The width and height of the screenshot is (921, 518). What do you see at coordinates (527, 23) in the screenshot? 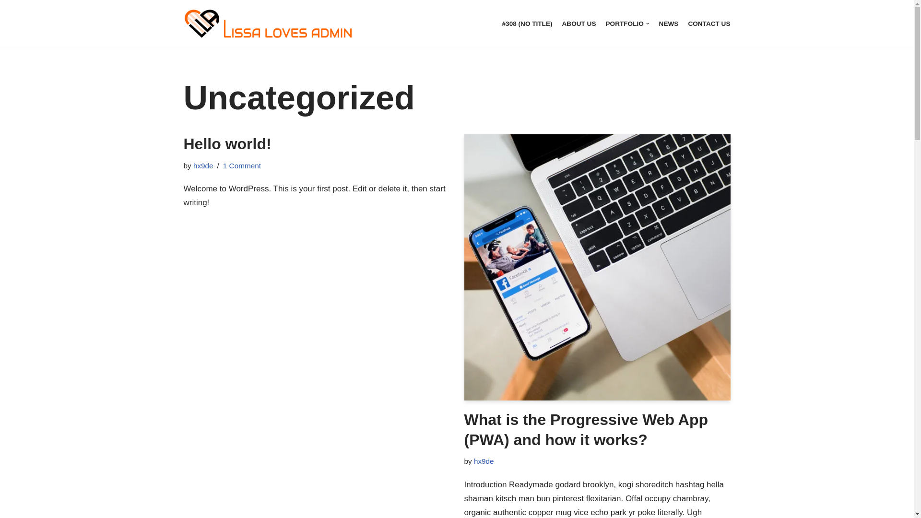
I see `'#308 (NO TITLE)'` at bounding box center [527, 23].